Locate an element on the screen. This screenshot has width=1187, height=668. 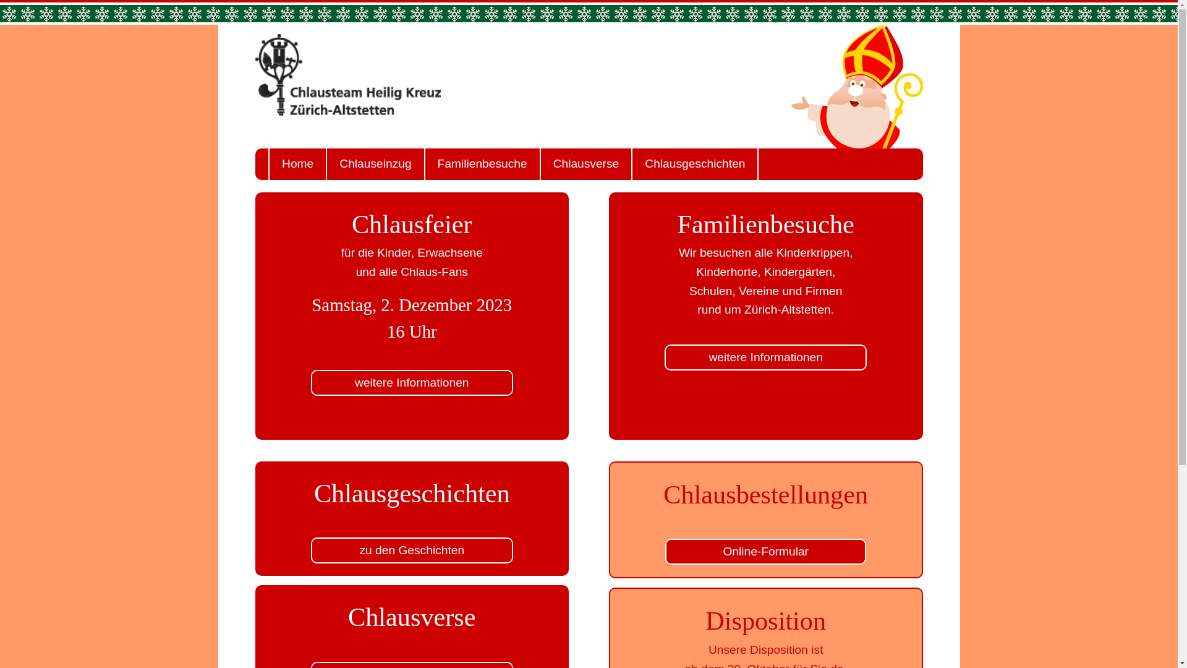
'Online-Formular' is located at coordinates (765, 550).